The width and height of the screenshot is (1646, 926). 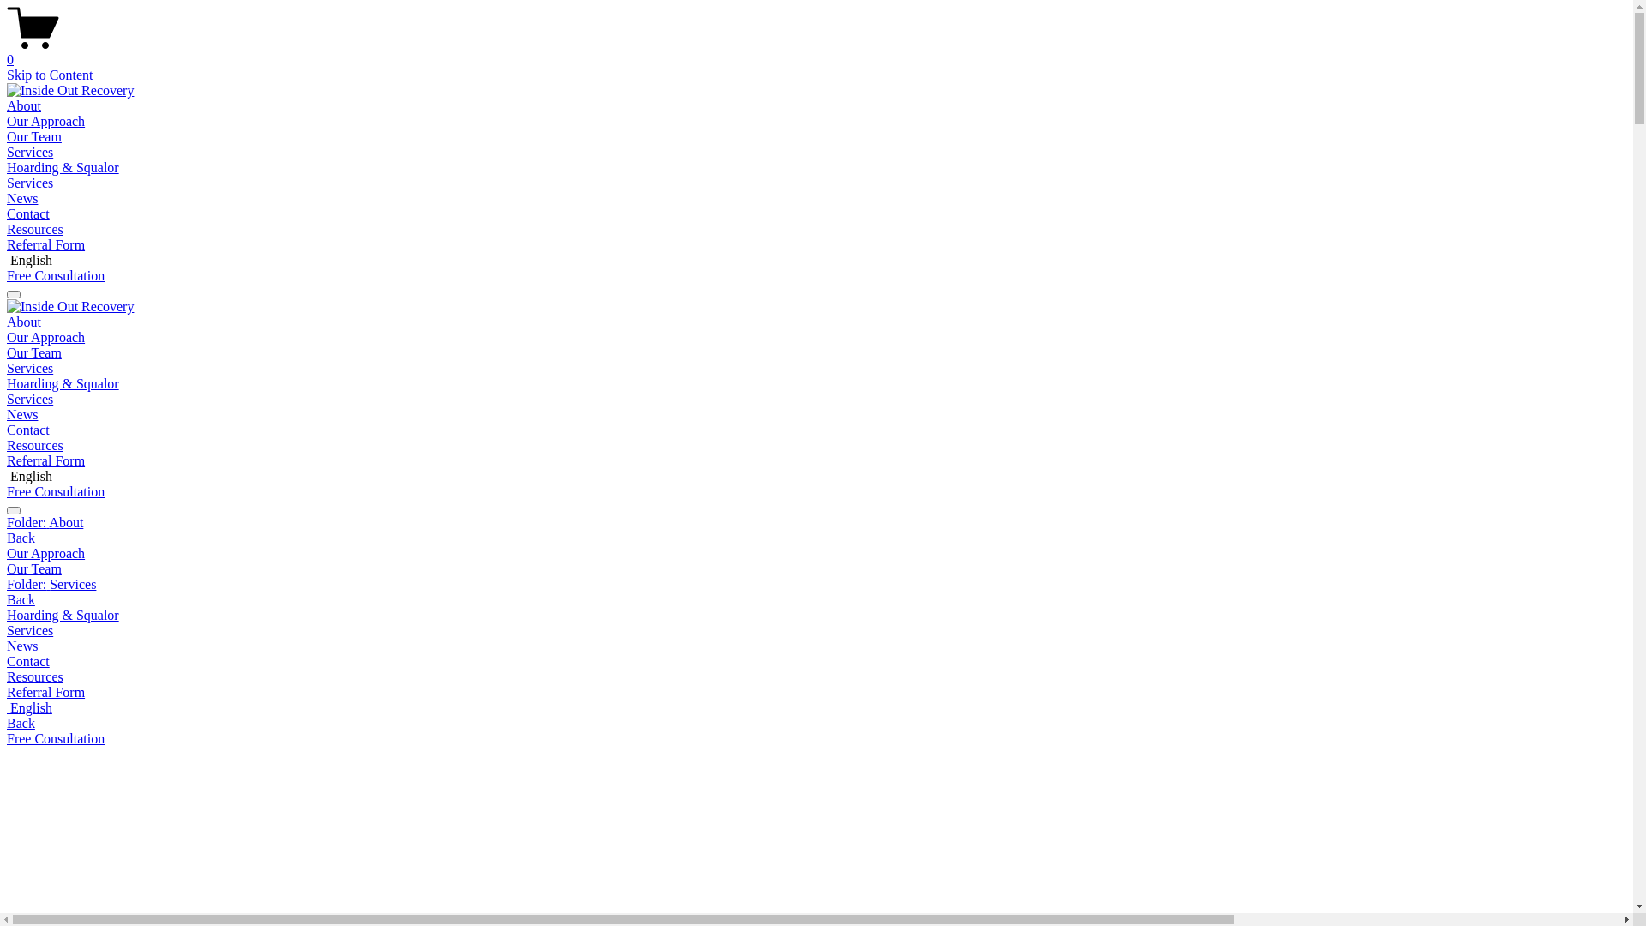 What do you see at coordinates (7, 584) in the screenshot?
I see `'Folder: Services'` at bounding box center [7, 584].